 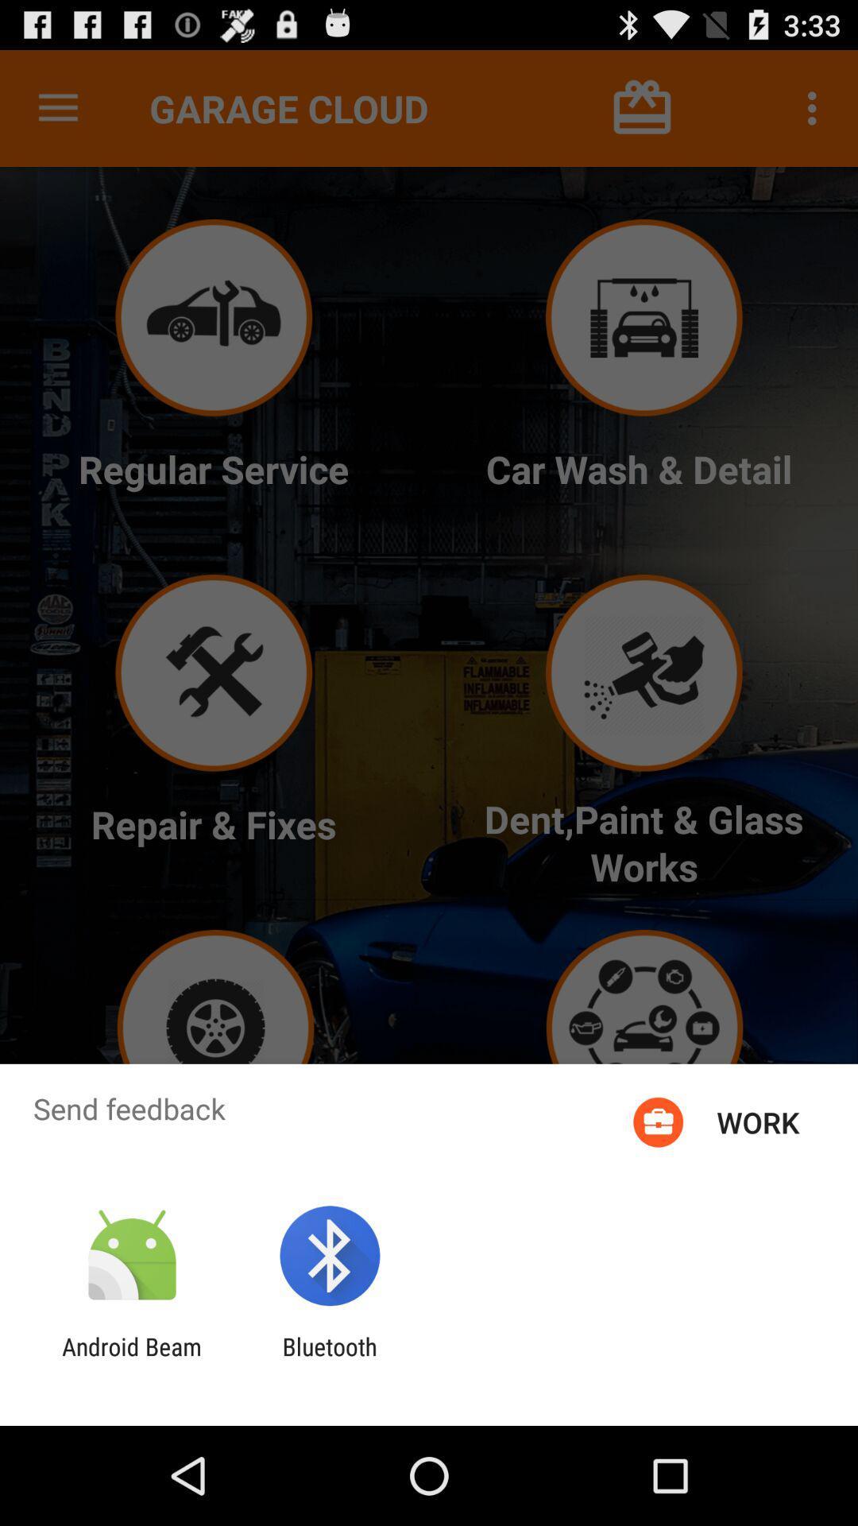 What do you see at coordinates (329, 1360) in the screenshot?
I see `the bluetooth app` at bounding box center [329, 1360].